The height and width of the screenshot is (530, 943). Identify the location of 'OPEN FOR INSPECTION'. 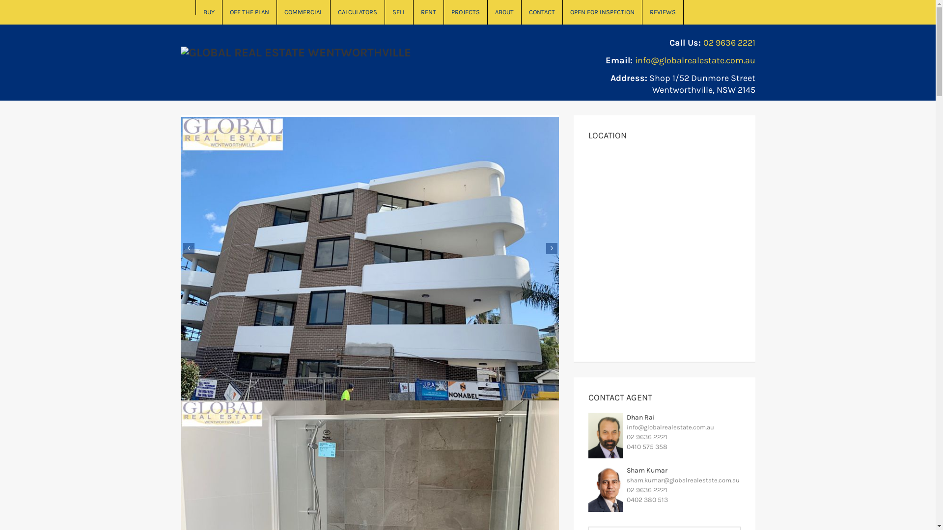
(563, 12).